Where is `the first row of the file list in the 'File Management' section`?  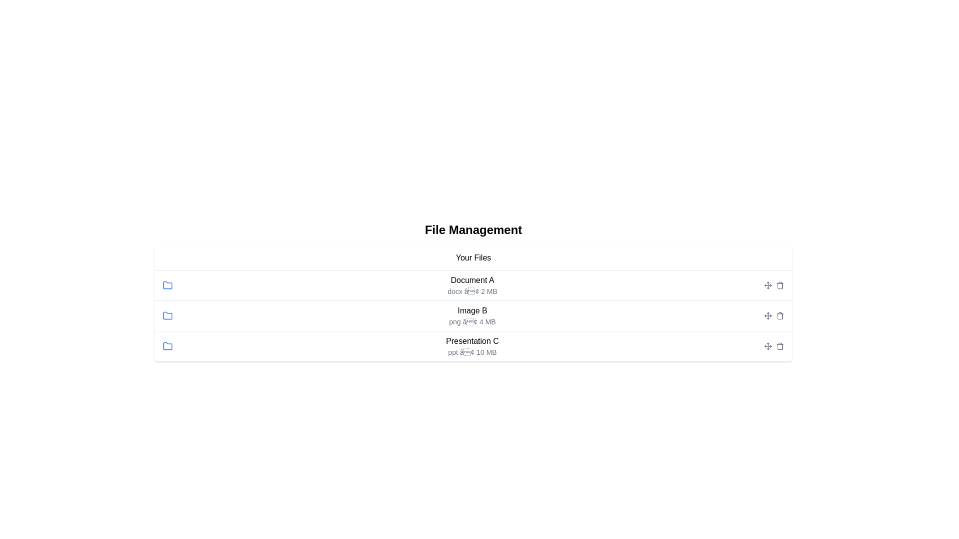
the first row of the file list in the 'File Management' section is located at coordinates (472, 285).